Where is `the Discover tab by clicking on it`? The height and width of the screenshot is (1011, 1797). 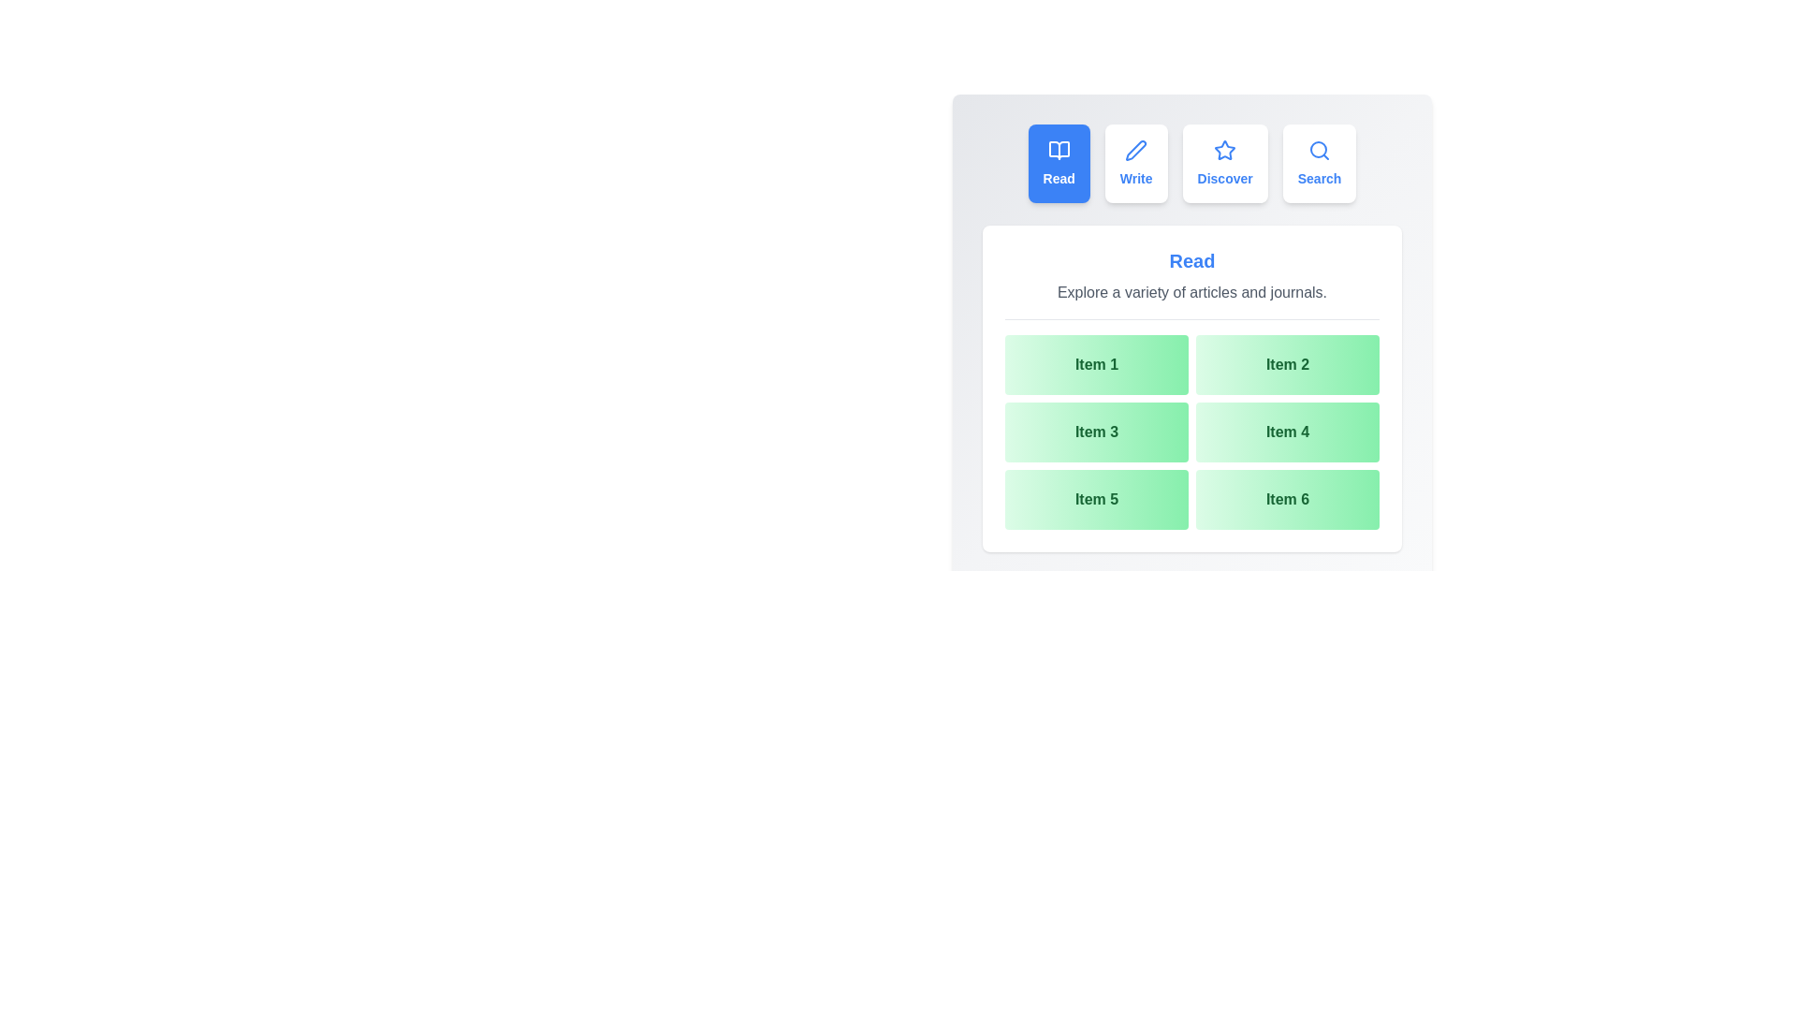 the Discover tab by clicking on it is located at coordinates (1225, 162).